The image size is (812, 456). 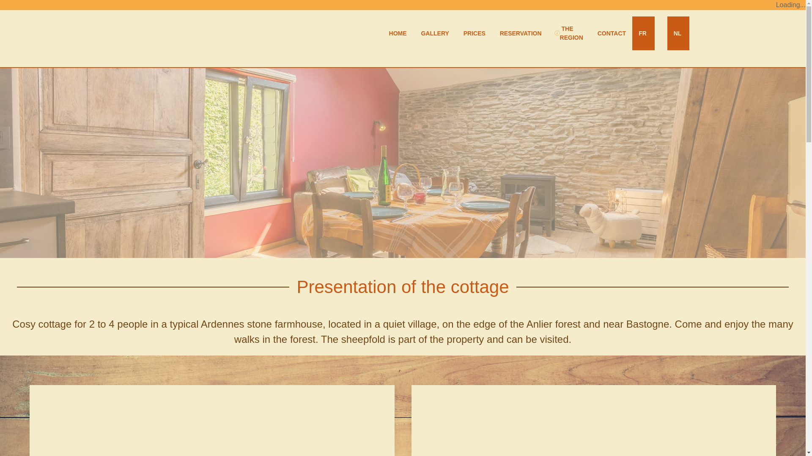 What do you see at coordinates (434, 33) in the screenshot?
I see `' GALLERY'` at bounding box center [434, 33].